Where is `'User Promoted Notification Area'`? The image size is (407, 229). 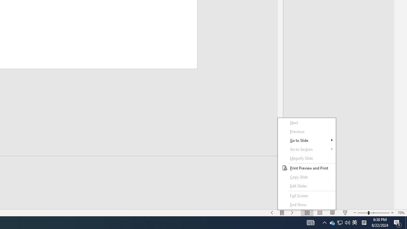
'User Promoted Notification Area' is located at coordinates (347, 222).